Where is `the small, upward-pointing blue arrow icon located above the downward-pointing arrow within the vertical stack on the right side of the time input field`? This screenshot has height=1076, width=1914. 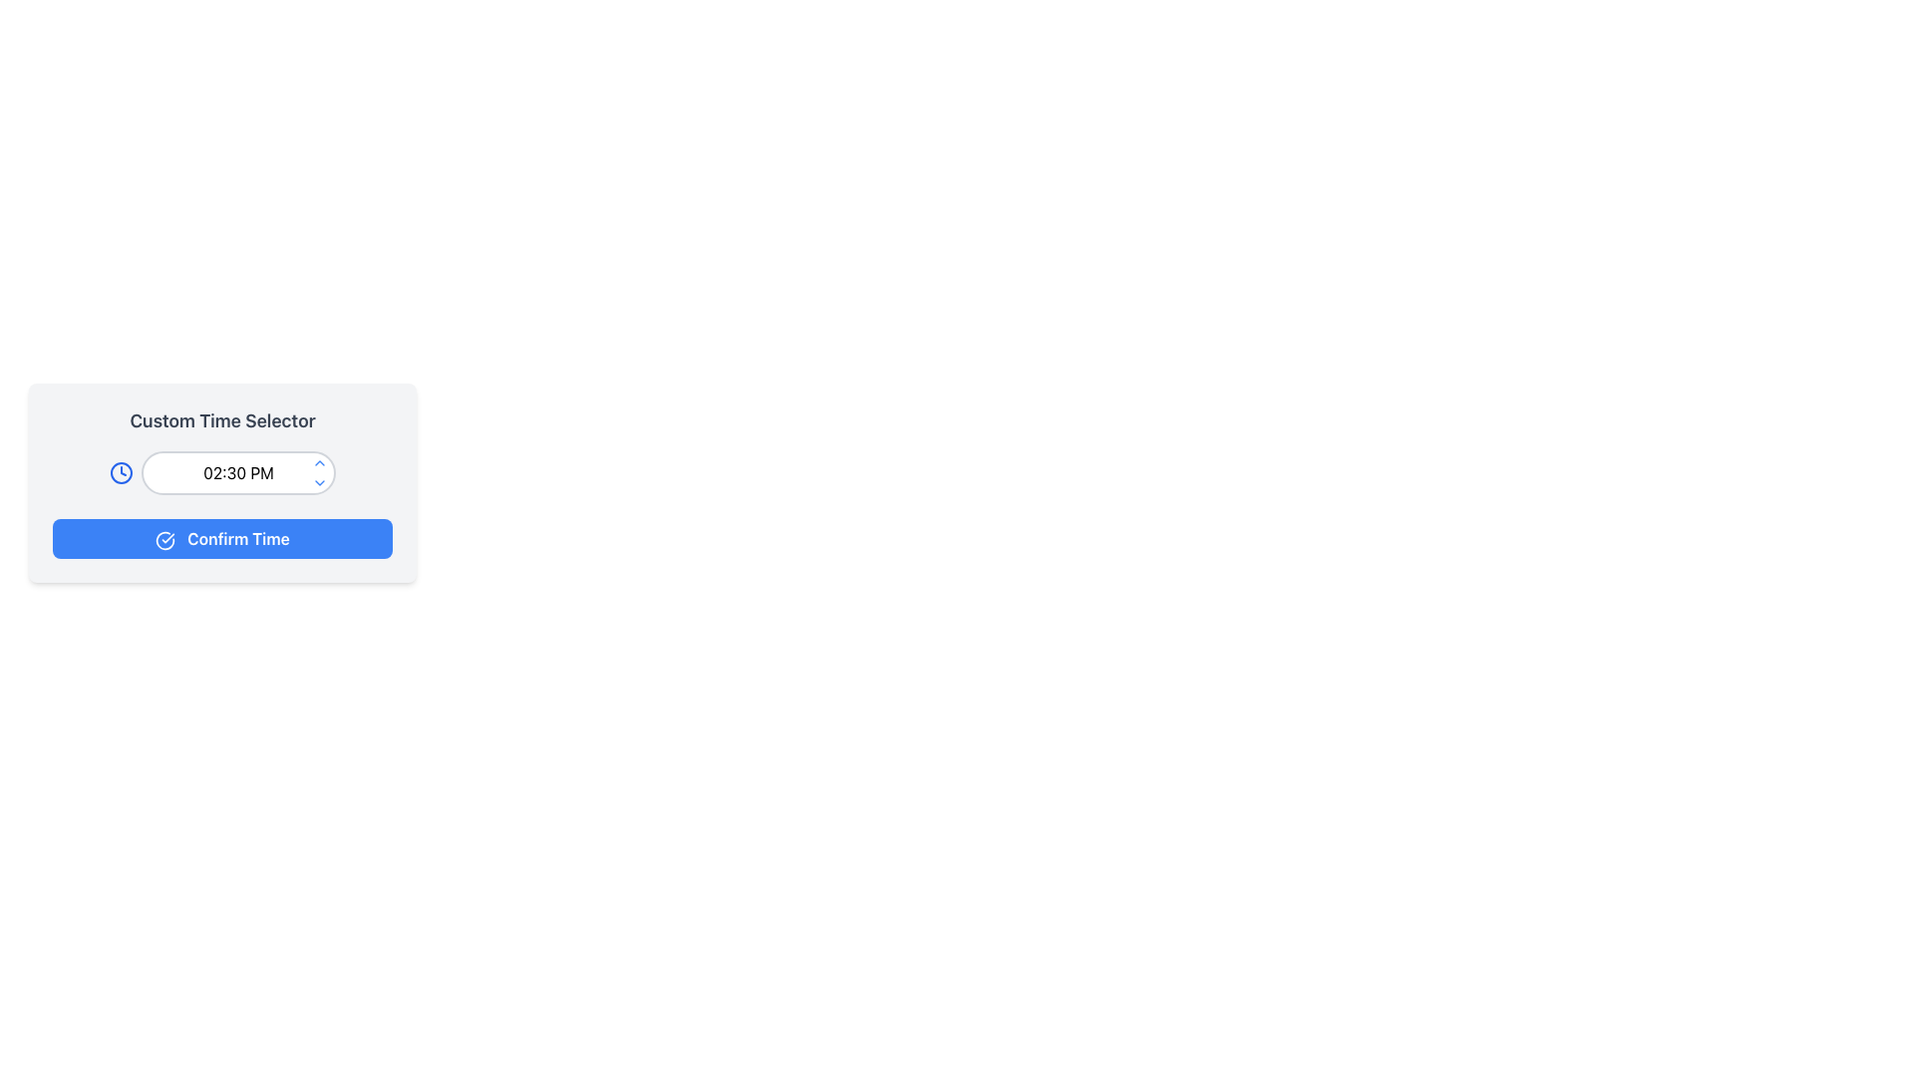 the small, upward-pointing blue arrow icon located above the downward-pointing arrow within the vertical stack on the right side of the time input field is located at coordinates (320, 463).